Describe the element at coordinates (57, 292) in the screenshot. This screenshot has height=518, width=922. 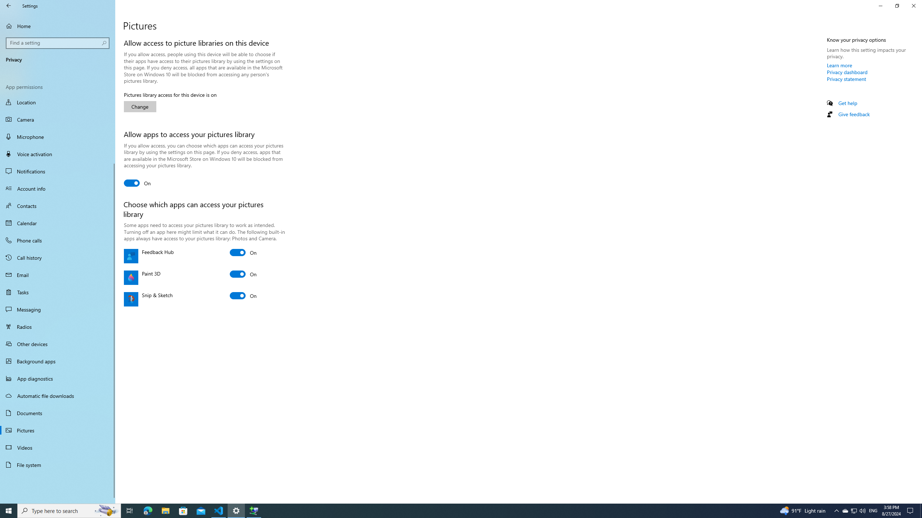
I see `'Tasks'` at that location.